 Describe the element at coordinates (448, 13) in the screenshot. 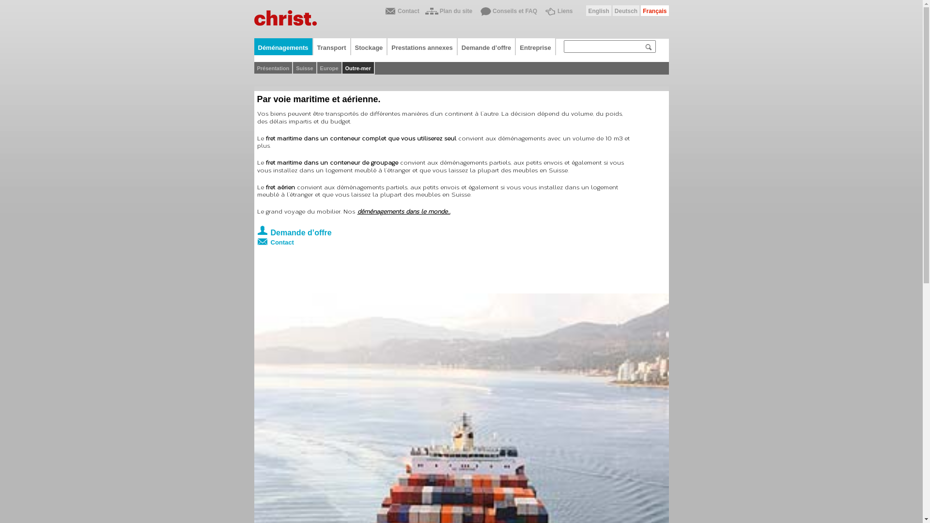

I see `'Plan du site'` at that location.